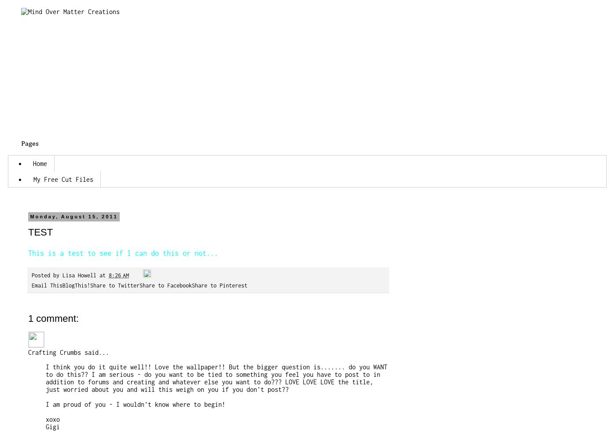 The height and width of the screenshot is (431, 611). What do you see at coordinates (79, 275) in the screenshot?
I see `'Lisa Howell'` at bounding box center [79, 275].